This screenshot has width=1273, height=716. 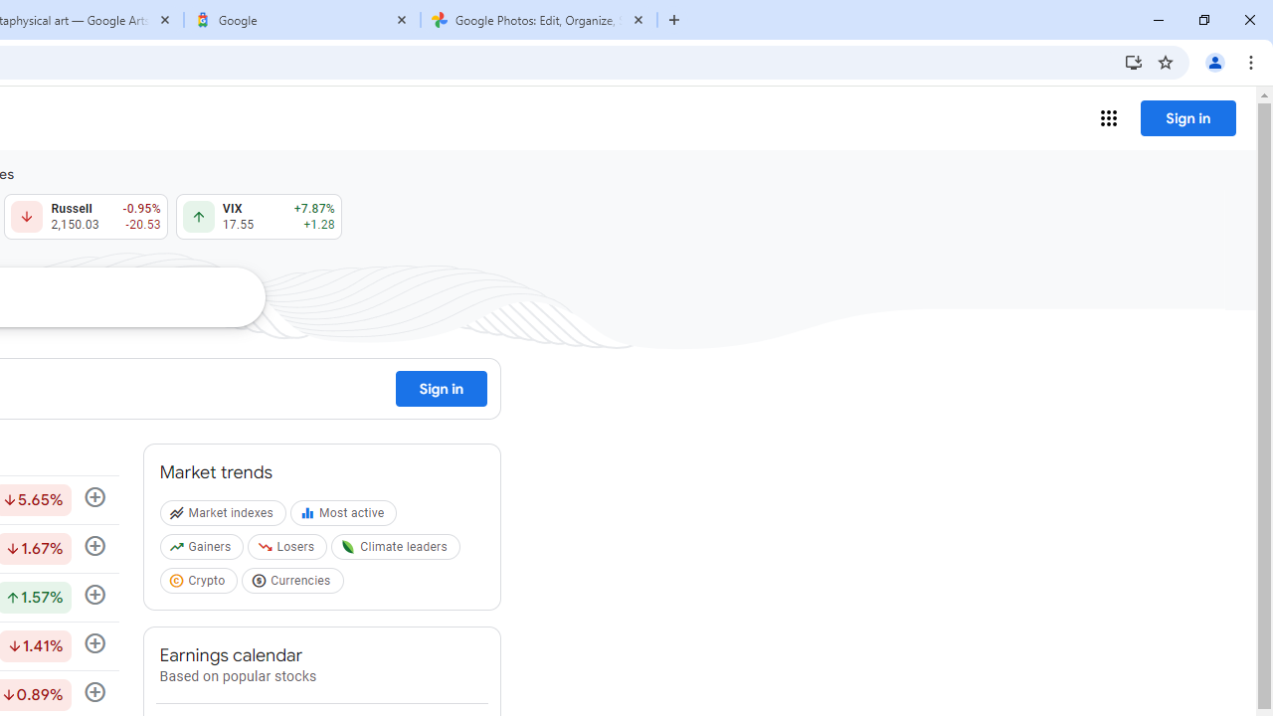 I want to click on 'Losers', so click(x=288, y=551).